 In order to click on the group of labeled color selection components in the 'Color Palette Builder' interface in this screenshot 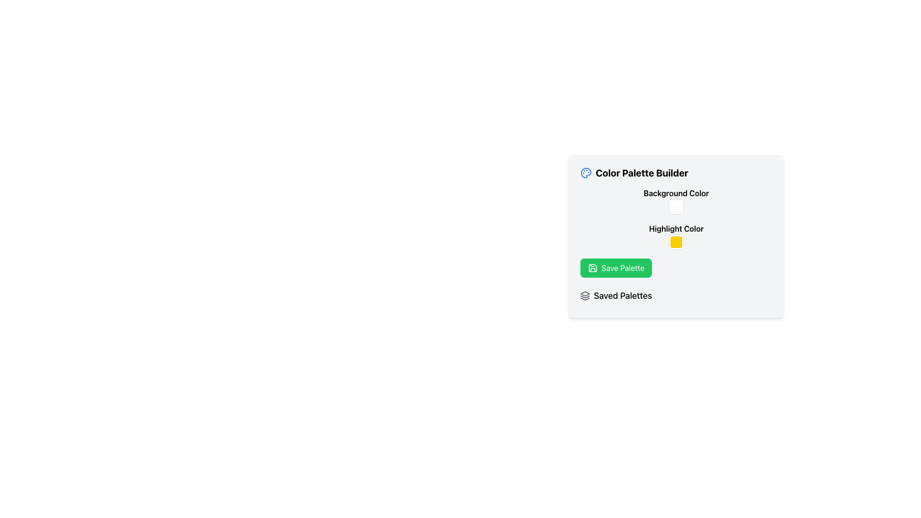, I will do `click(676, 219)`.